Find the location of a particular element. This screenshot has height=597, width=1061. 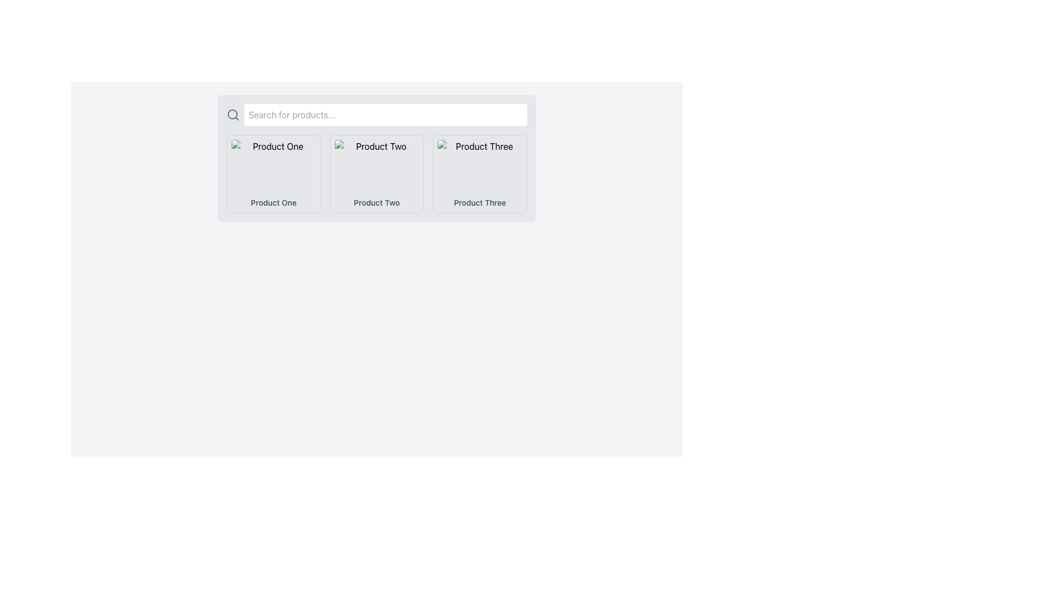

the gray background rectangular card labeled 'Product Two' located in the second column of the grid layout is located at coordinates (376, 158).